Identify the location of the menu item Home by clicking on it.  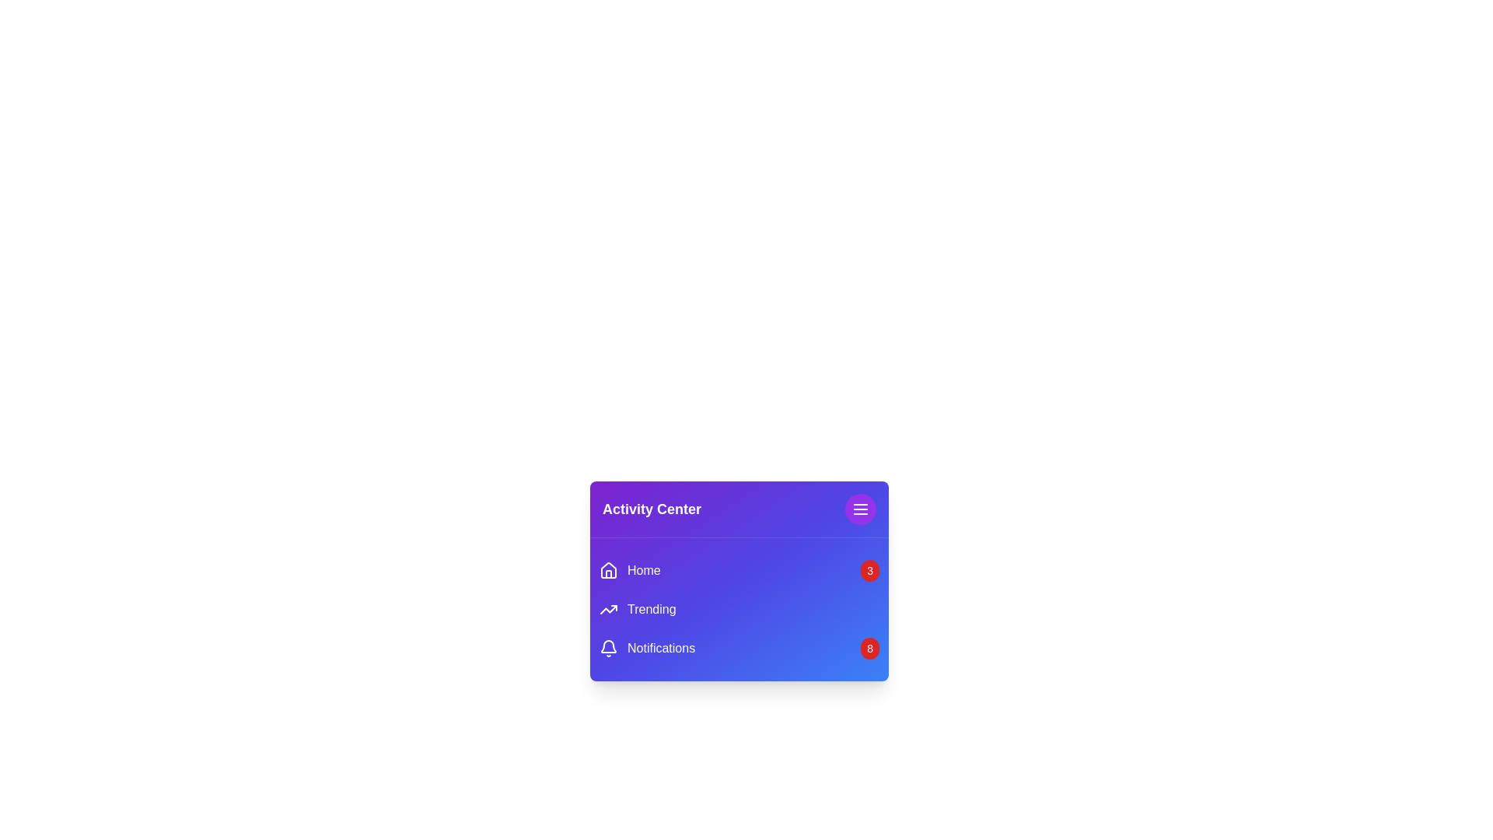
(630, 570).